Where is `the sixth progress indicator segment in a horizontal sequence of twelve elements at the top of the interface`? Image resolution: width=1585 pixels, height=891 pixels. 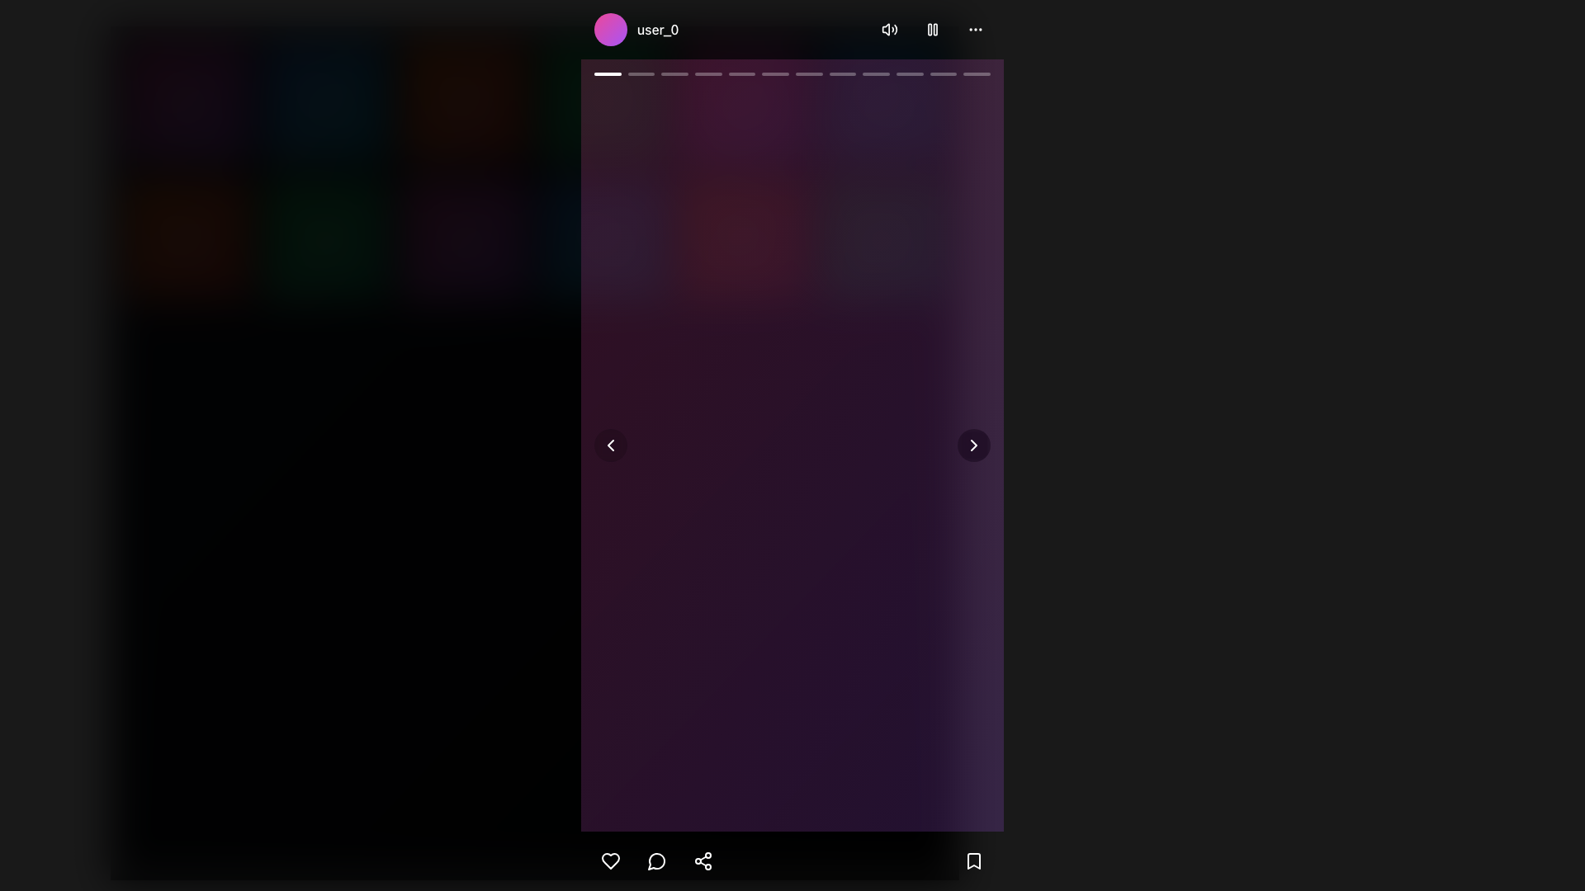 the sixth progress indicator segment in a horizontal sequence of twelve elements at the top of the interface is located at coordinates (774, 73).